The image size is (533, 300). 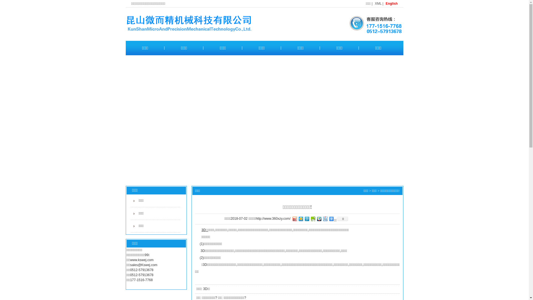 I want to click on '0', so click(x=342, y=218).